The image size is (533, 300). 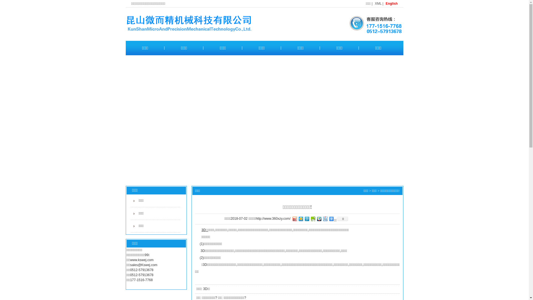 I want to click on '0', so click(x=342, y=218).